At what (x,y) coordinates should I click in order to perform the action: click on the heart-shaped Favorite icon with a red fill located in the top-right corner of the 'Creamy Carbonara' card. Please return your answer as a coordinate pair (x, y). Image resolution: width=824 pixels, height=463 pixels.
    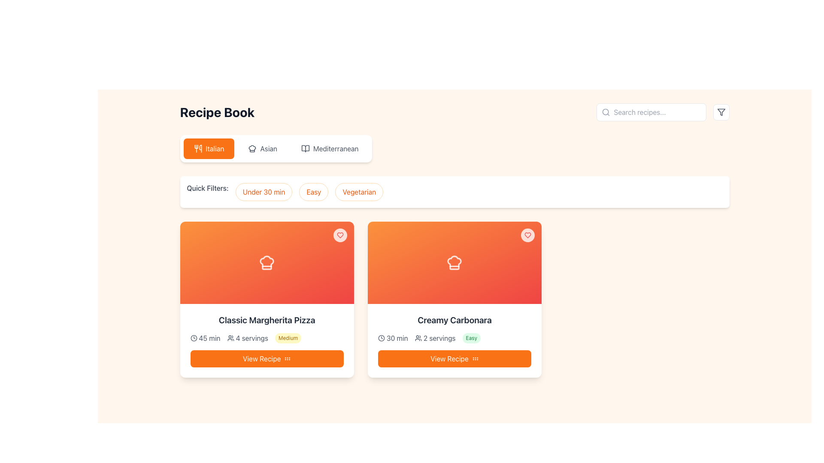
    Looking at the image, I should click on (527, 235).